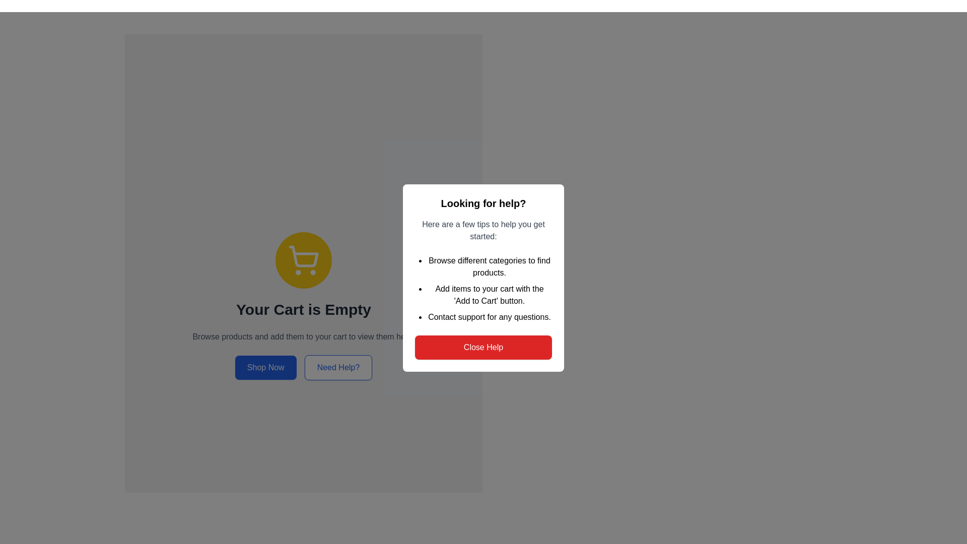 Image resolution: width=967 pixels, height=544 pixels. Describe the element at coordinates (489, 266) in the screenshot. I see `the text element that provides guidance to the user on navigating the application, located under the heading 'Here are a few tips to help you get started:' in the help dialog box` at that location.